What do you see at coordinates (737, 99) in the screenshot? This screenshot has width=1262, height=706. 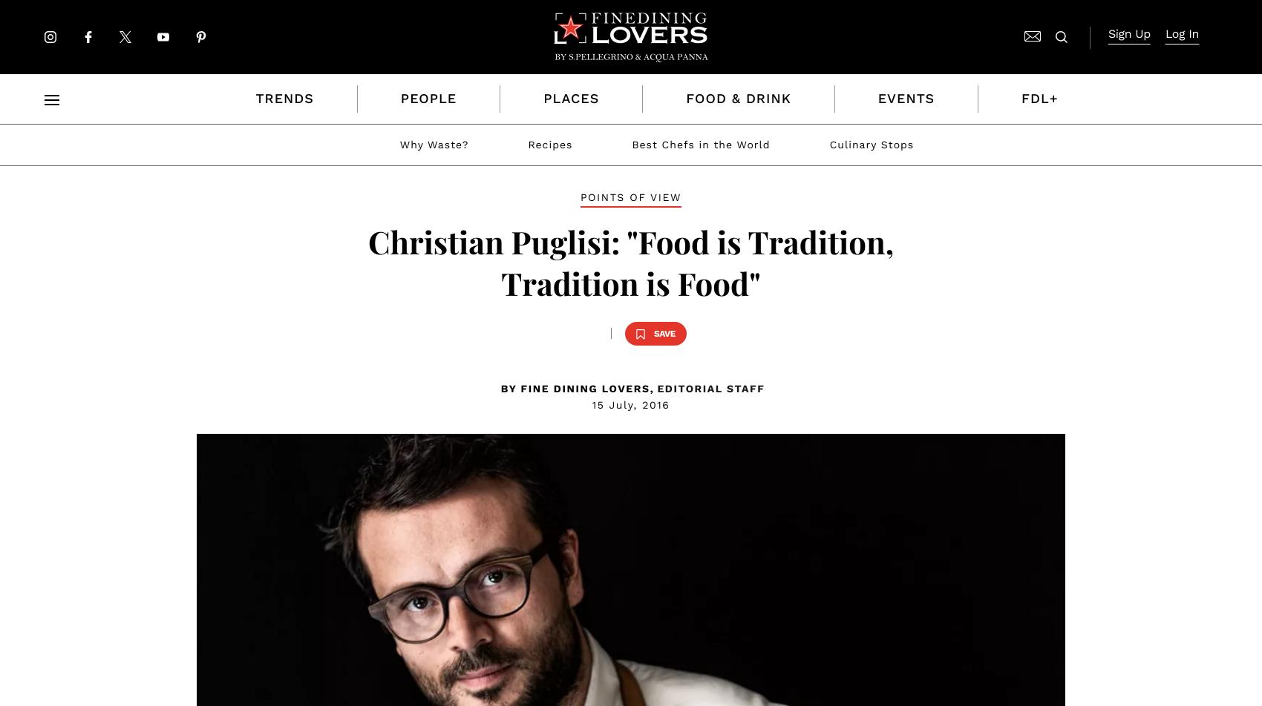 I see `'Food & Drink'` at bounding box center [737, 99].